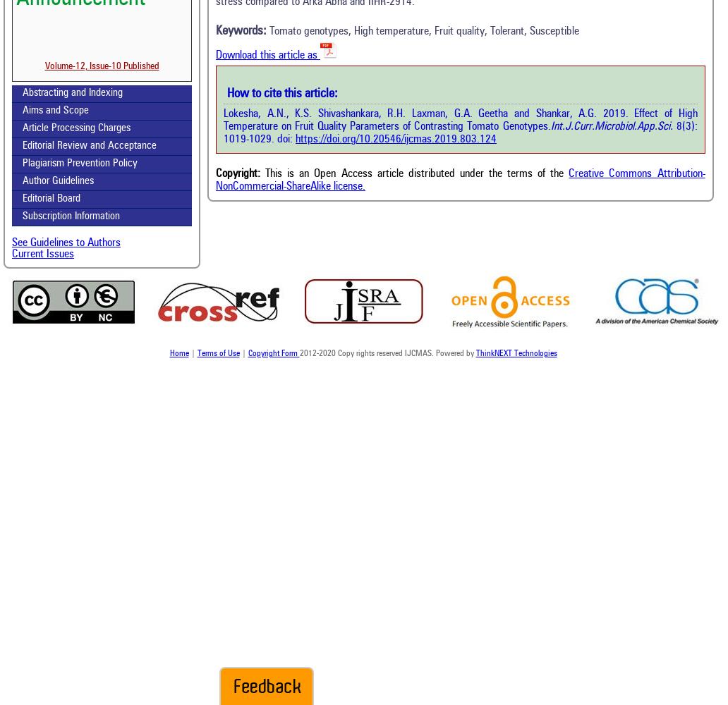 The width and height of the screenshot is (728, 705). What do you see at coordinates (100, 103) in the screenshot?
I see `'Call for paper-Vol-12, Issue 11- November 2023'` at bounding box center [100, 103].